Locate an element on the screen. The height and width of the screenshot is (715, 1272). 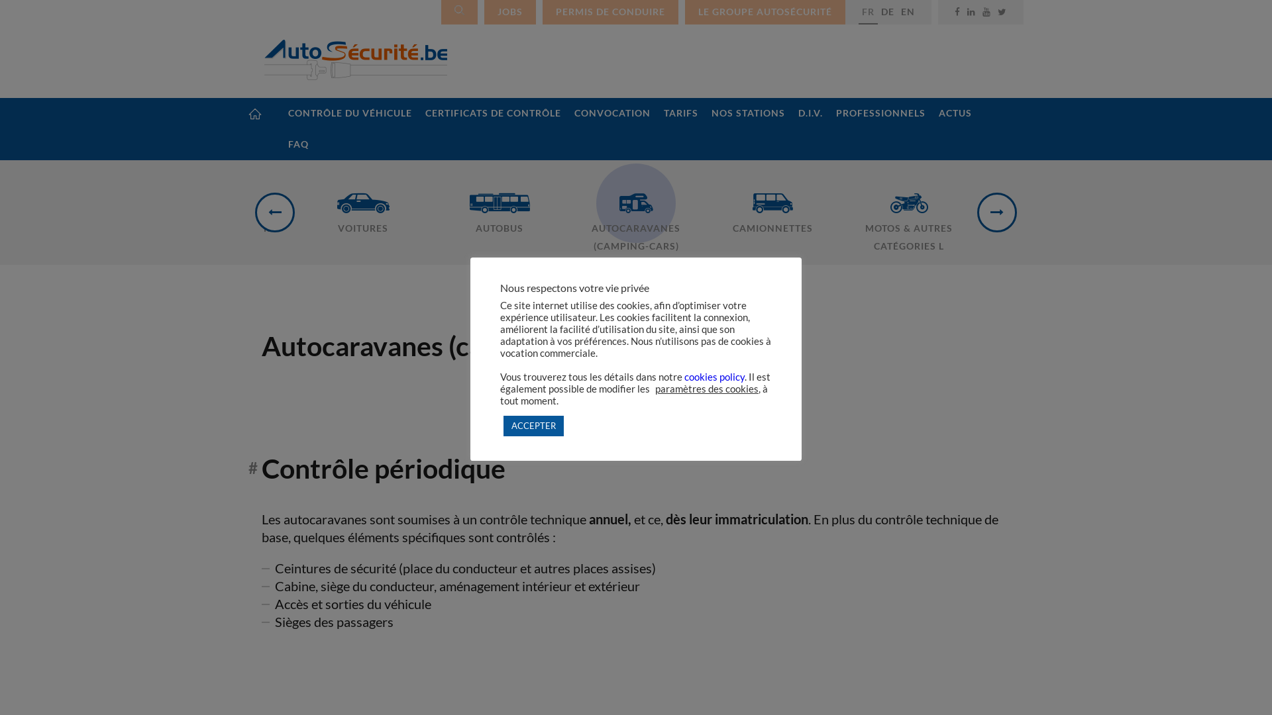
'ACTUS' is located at coordinates (955, 113).